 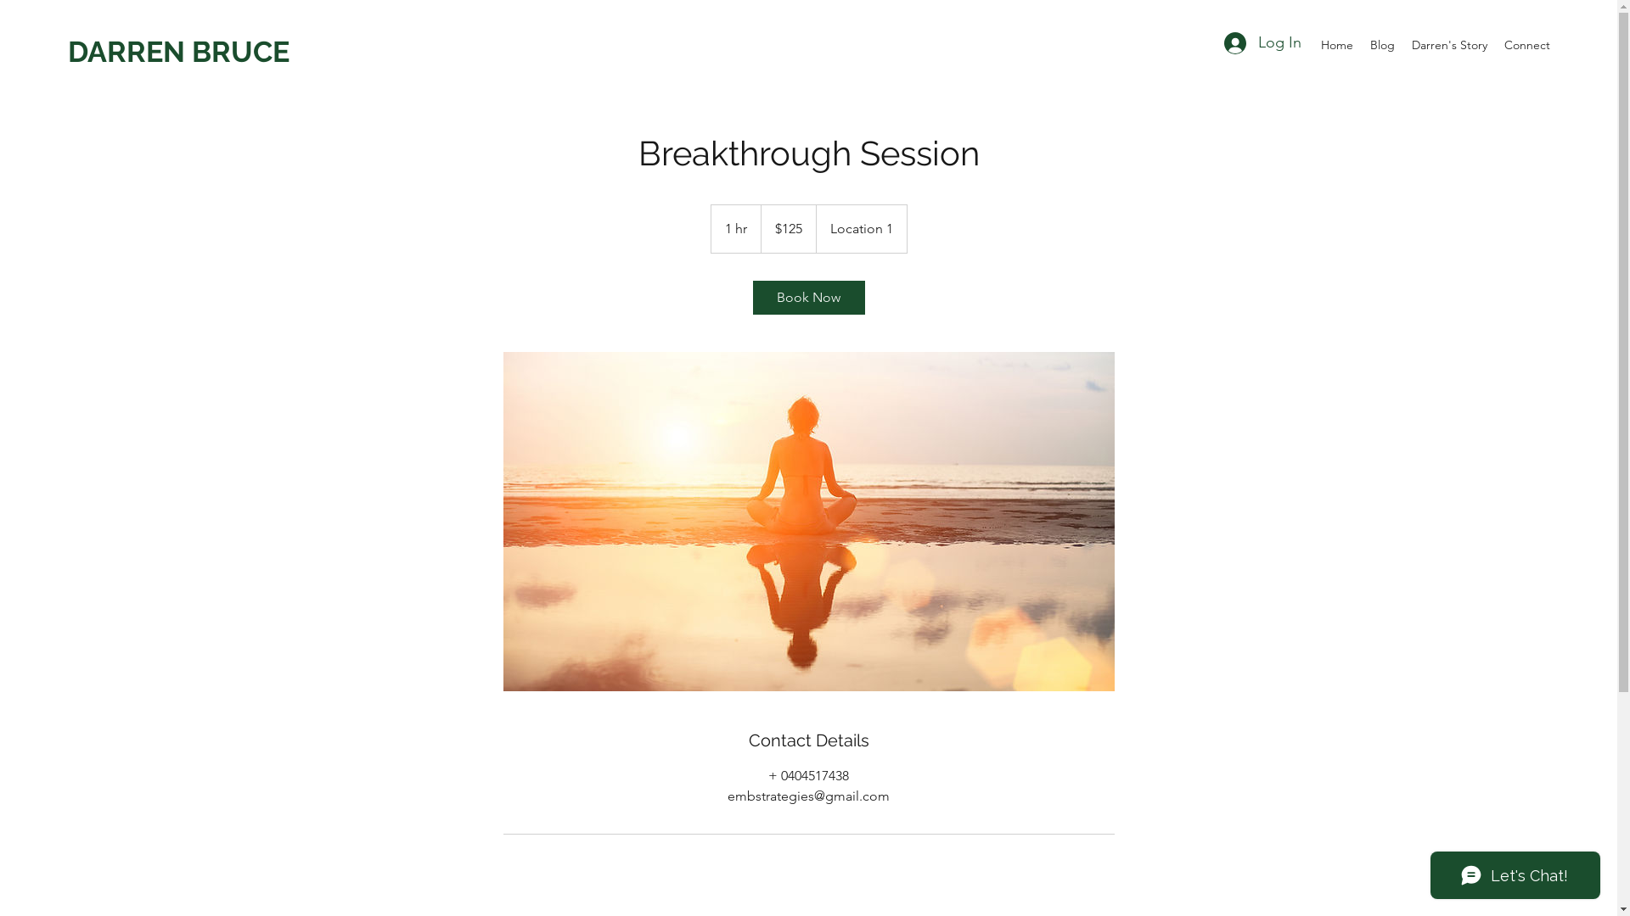 I want to click on 'Log In', so click(x=1211, y=42).